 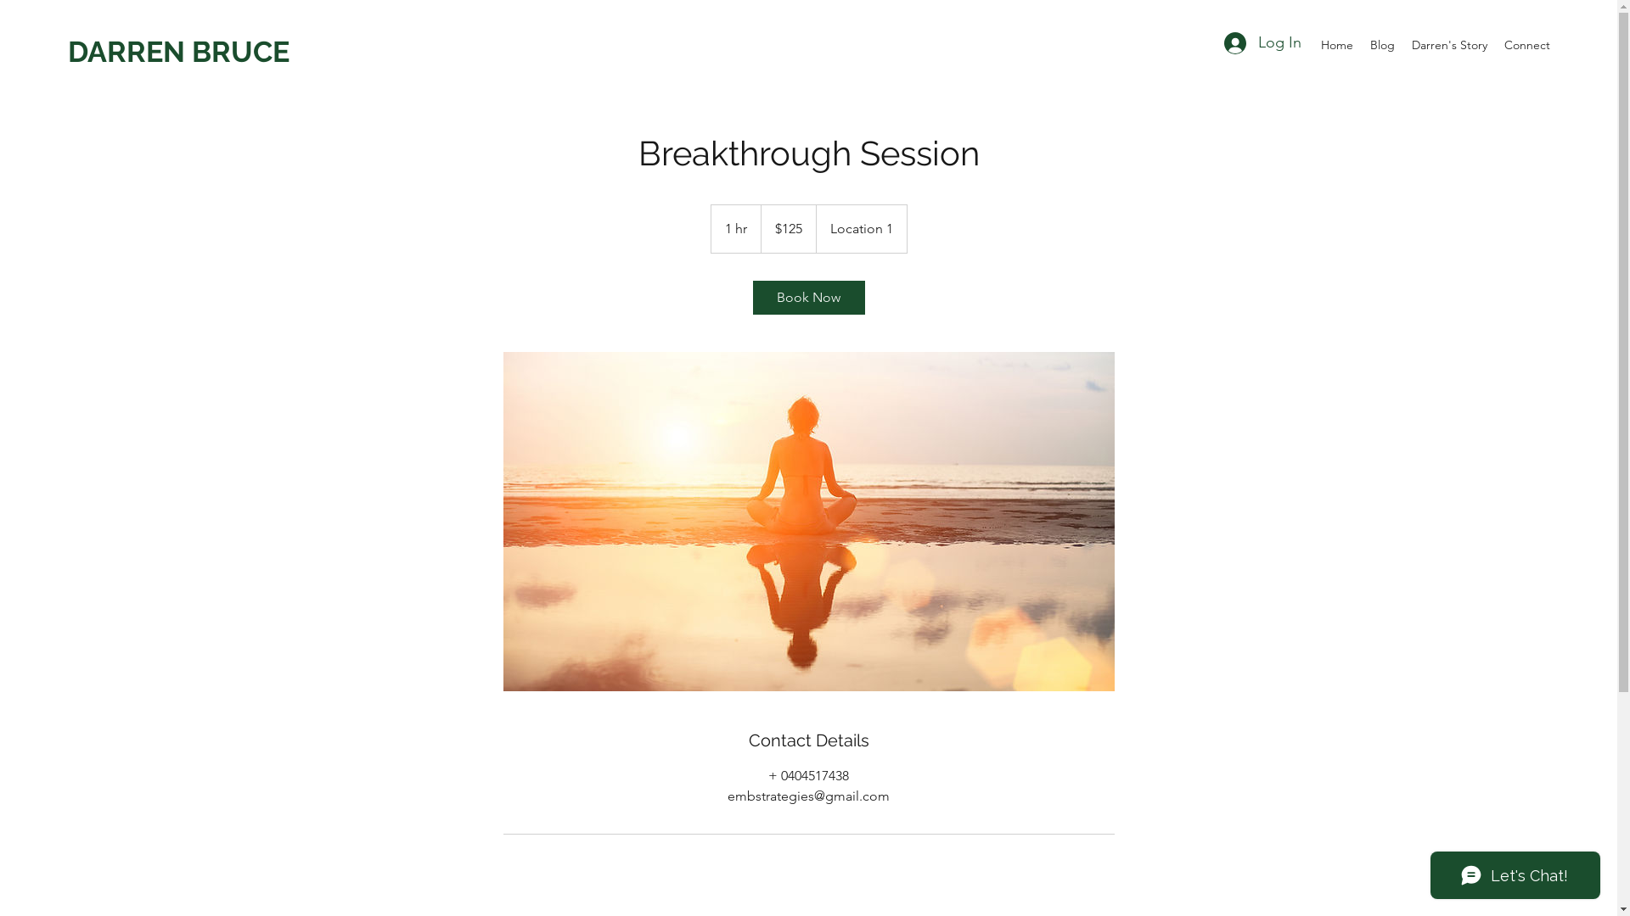 I want to click on 'Log In', so click(x=1211, y=42).